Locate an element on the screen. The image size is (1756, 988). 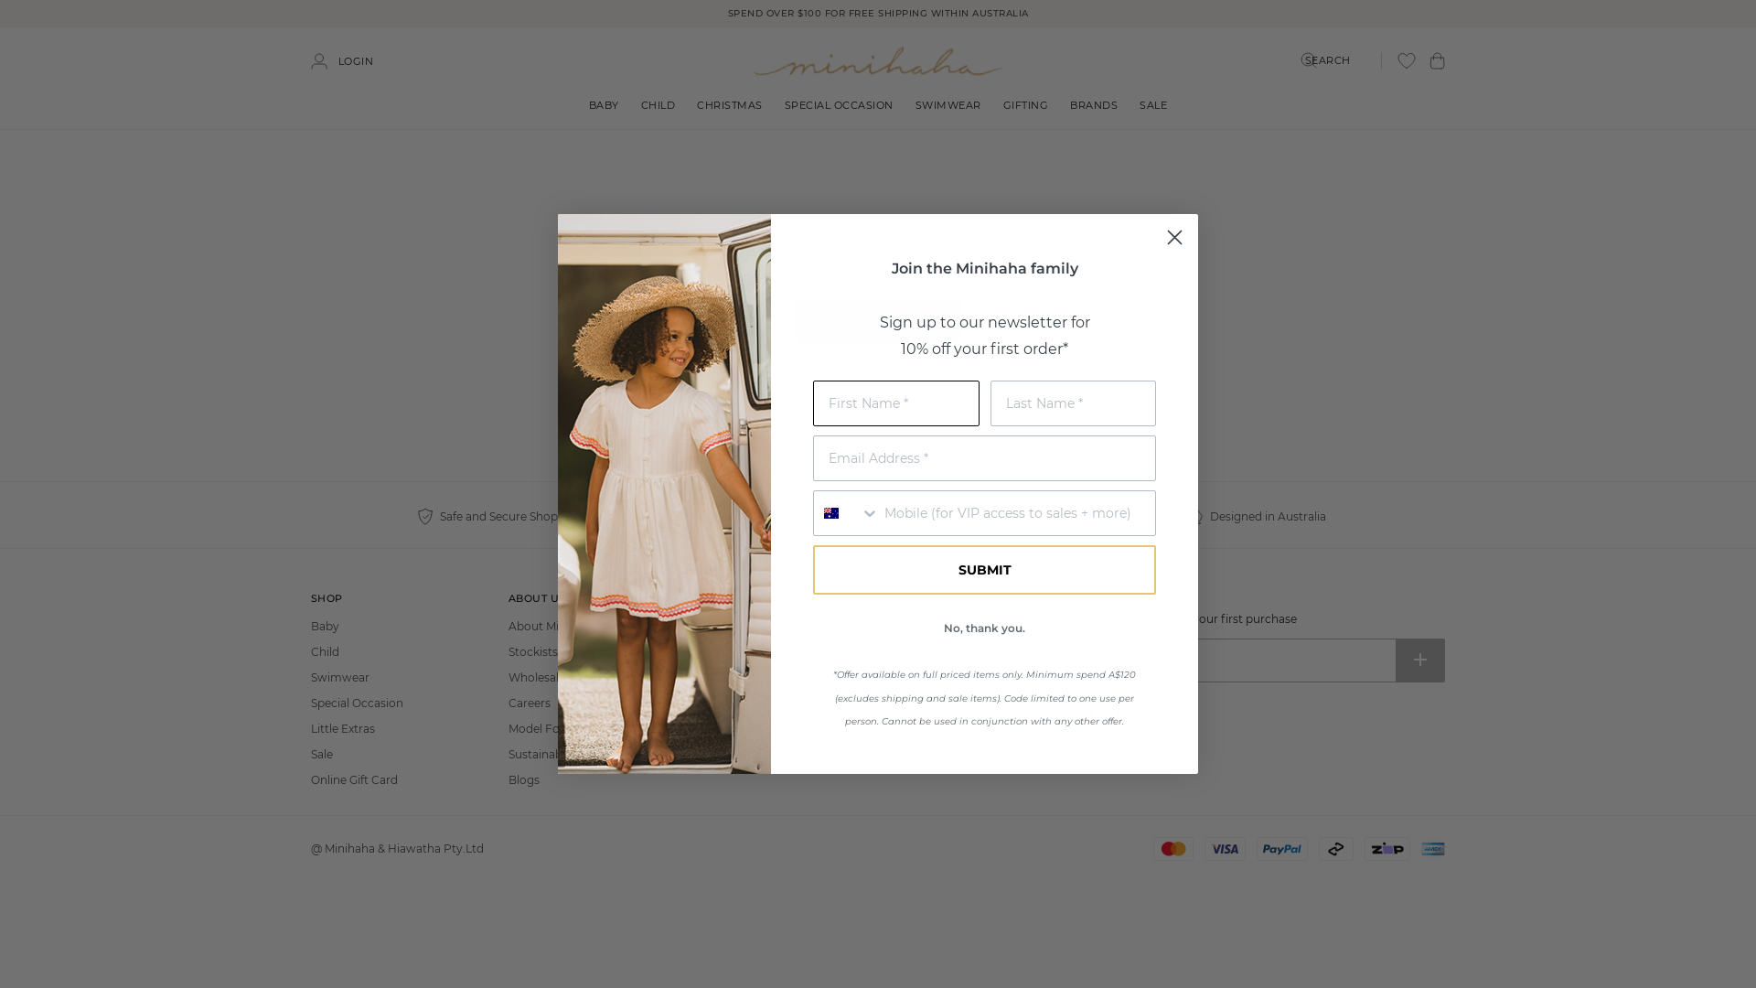
'Model Form' is located at coordinates (541, 727).